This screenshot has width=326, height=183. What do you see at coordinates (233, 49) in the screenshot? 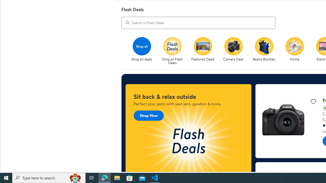
I see `'Camera Gear Camera Gear'` at bounding box center [233, 49].